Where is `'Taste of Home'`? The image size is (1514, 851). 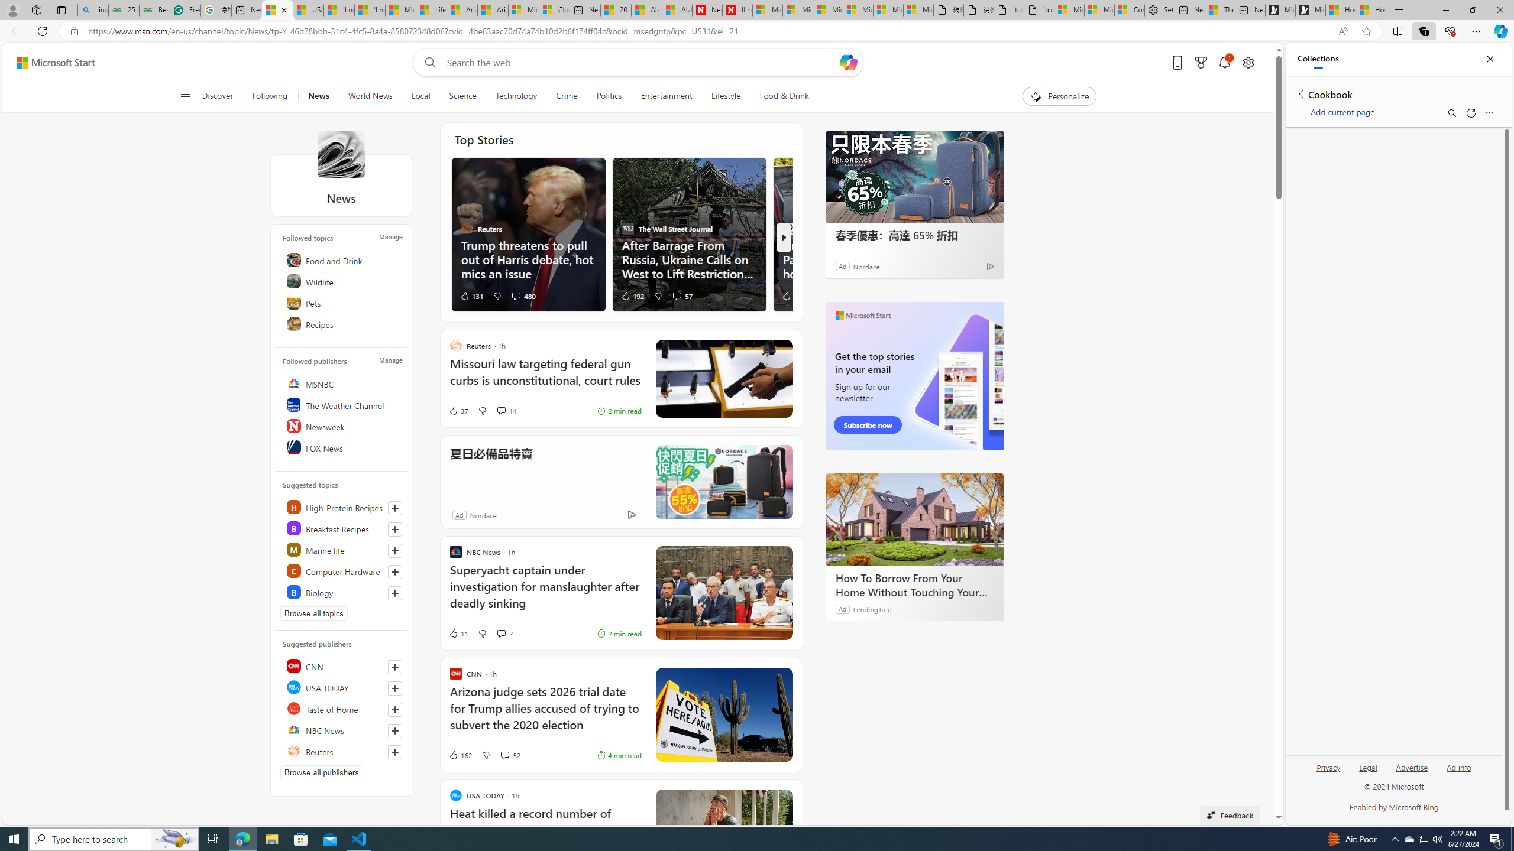
'Taste of Home' is located at coordinates (342, 708).